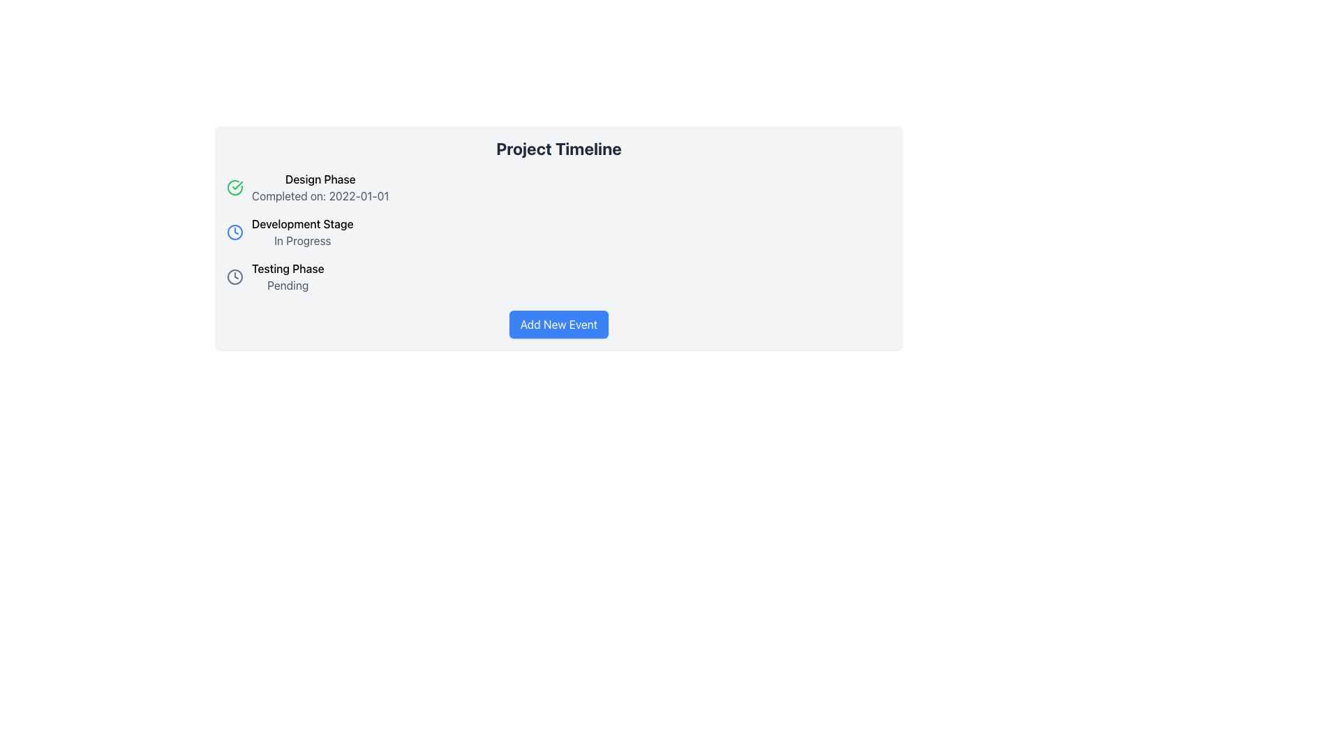 The width and height of the screenshot is (1340, 754). What do you see at coordinates (234, 231) in the screenshot?
I see `the blue clock icon with a circular outline located to the left of the 'Development Stage' header text in the second timeline entry of the 'Project Timeline' card` at bounding box center [234, 231].